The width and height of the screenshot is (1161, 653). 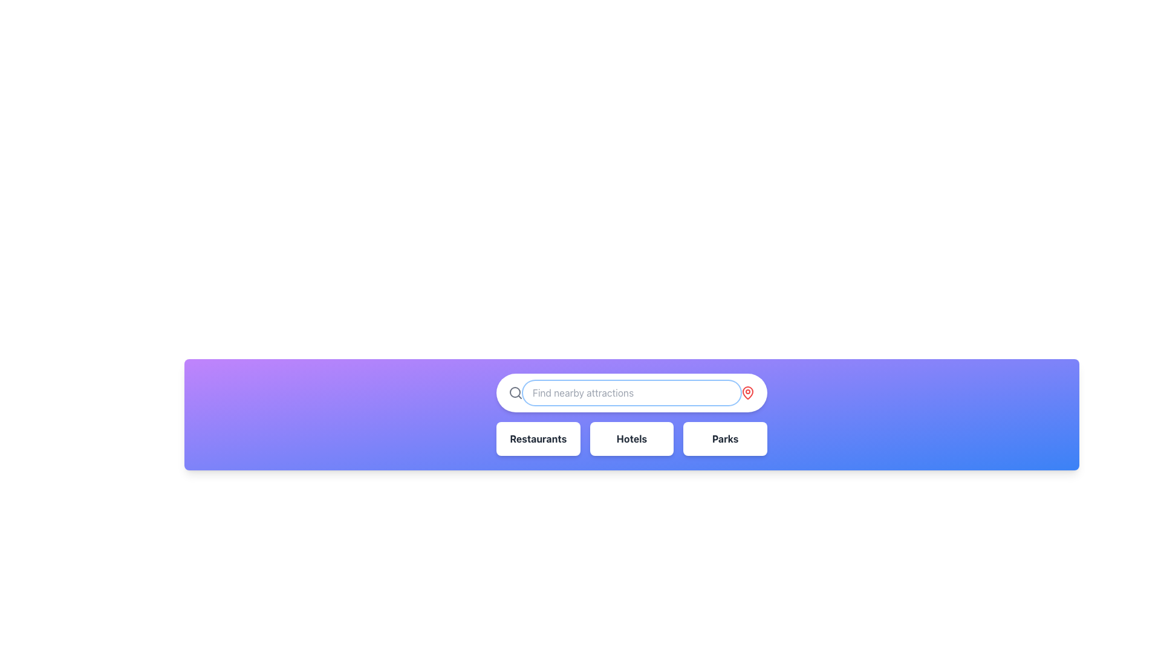 What do you see at coordinates (516, 393) in the screenshot?
I see `the gray magnifying glass icon located at the leftmost side of the white rounded search bar adjacent to the input field placeholder text 'Find nearby attractions'` at bounding box center [516, 393].